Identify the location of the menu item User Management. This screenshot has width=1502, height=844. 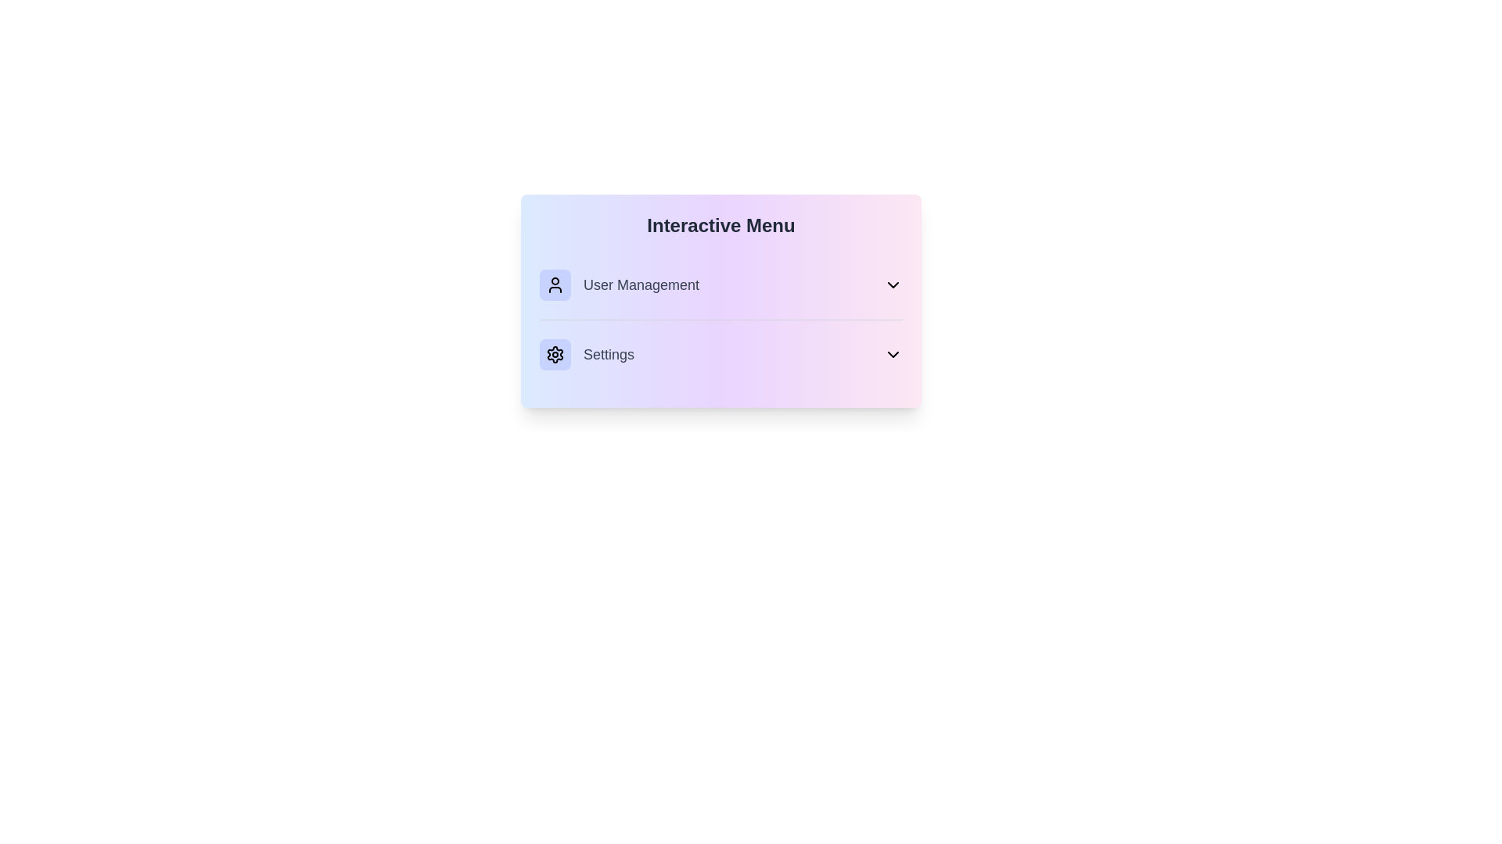
(555, 285).